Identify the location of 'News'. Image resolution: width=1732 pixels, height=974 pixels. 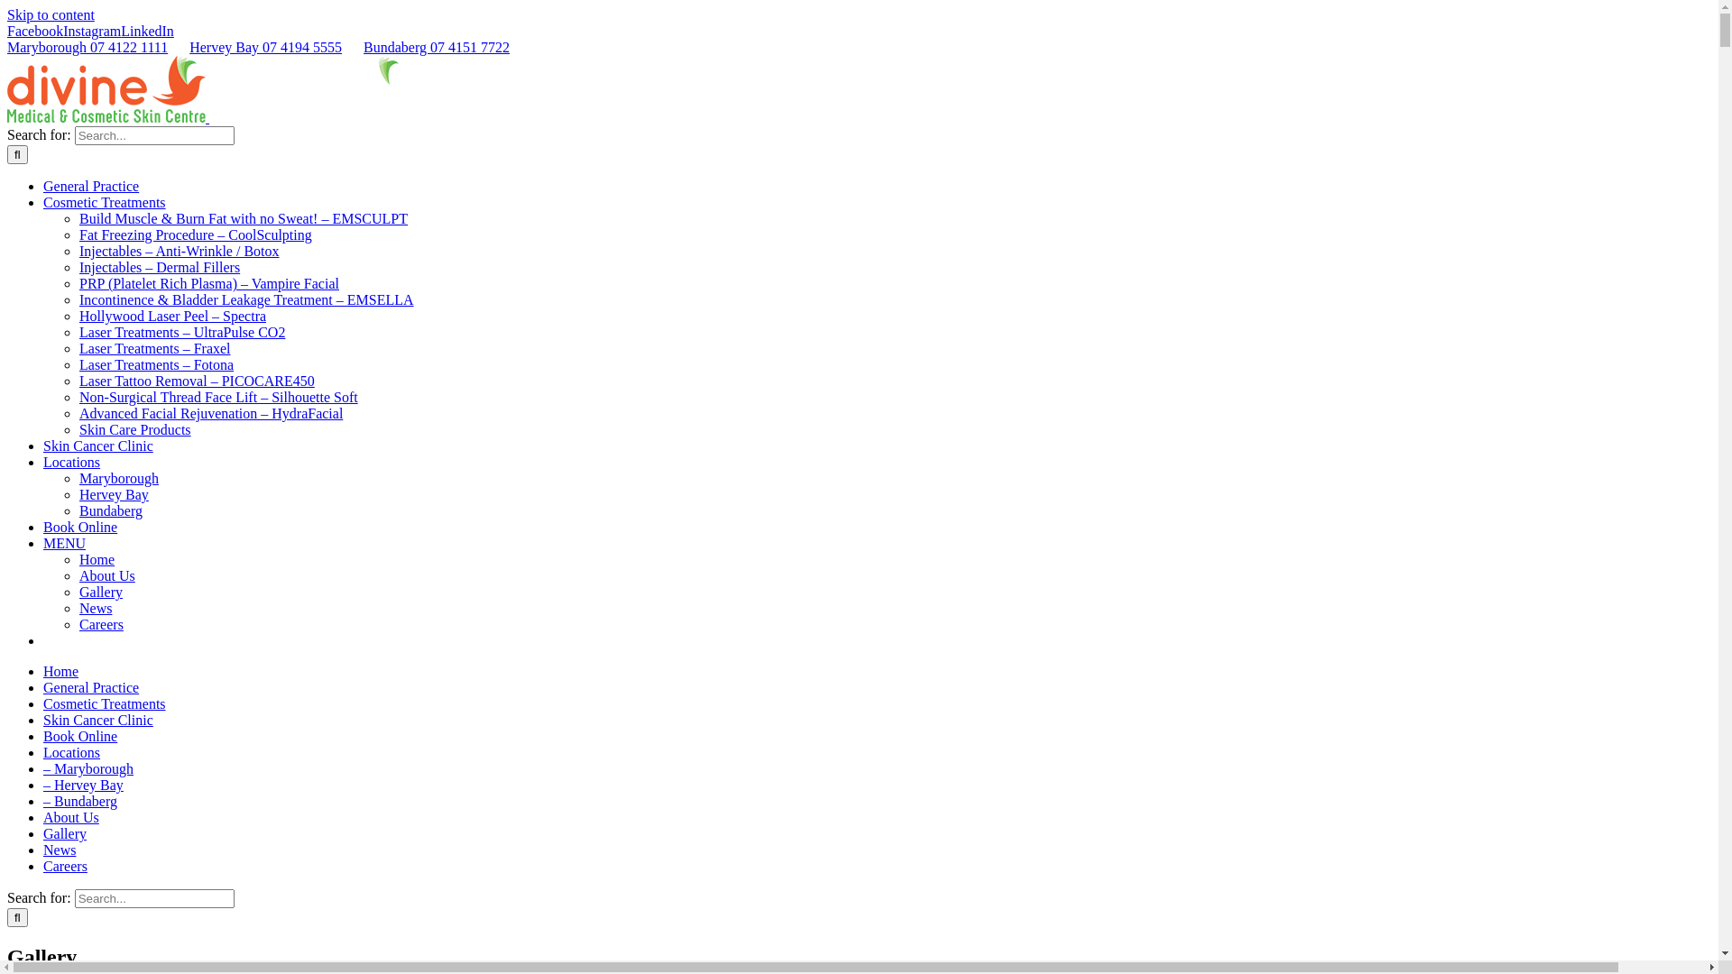
(43, 850).